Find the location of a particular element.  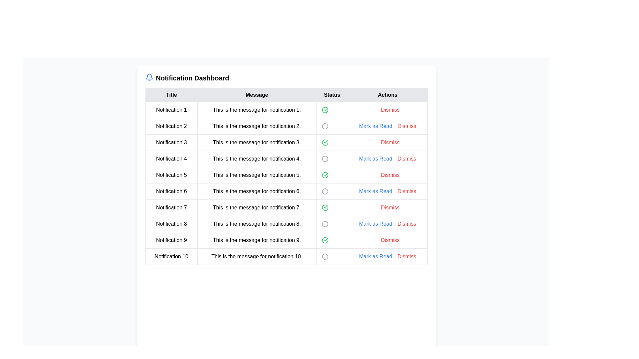

body section of the notification bell icon located at the top-left corner of the notification dashboard interface, which has a blue outline is located at coordinates (148, 76).